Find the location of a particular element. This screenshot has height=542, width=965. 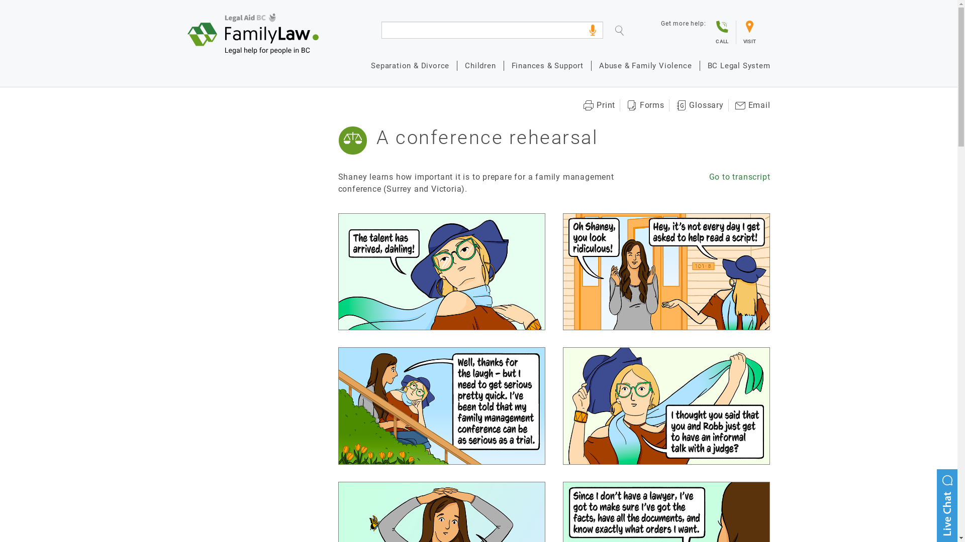

'Search' is located at coordinates (626, 32).